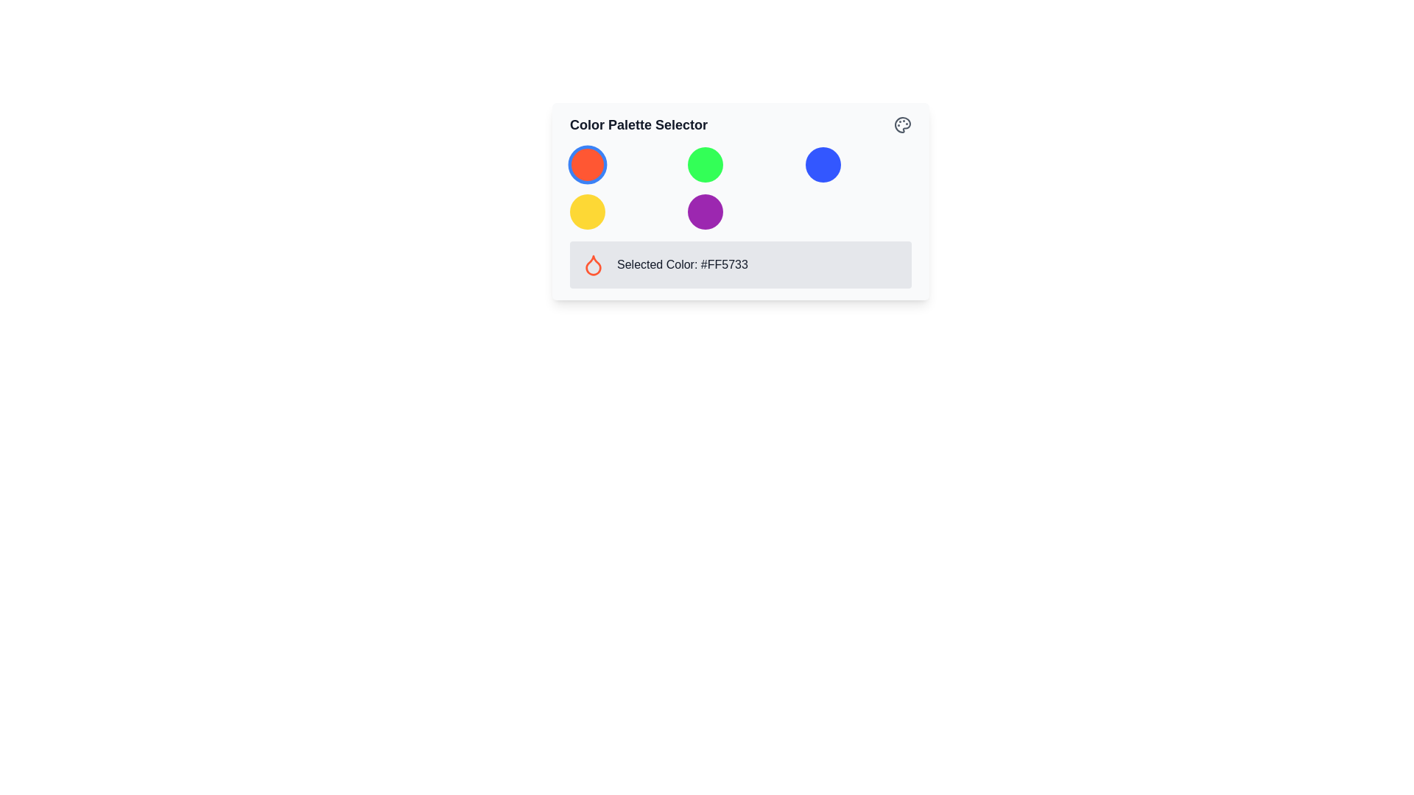 The height and width of the screenshot is (795, 1414). What do you see at coordinates (586, 164) in the screenshot?
I see `the circular button in the top-left corner of the color palette interface` at bounding box center [586, 164].